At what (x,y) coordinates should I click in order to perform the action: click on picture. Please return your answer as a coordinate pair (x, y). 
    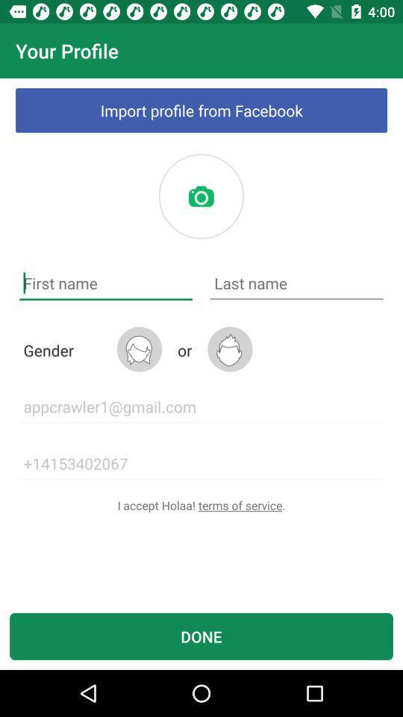
    Looking at the image, I should click on (201, 196).